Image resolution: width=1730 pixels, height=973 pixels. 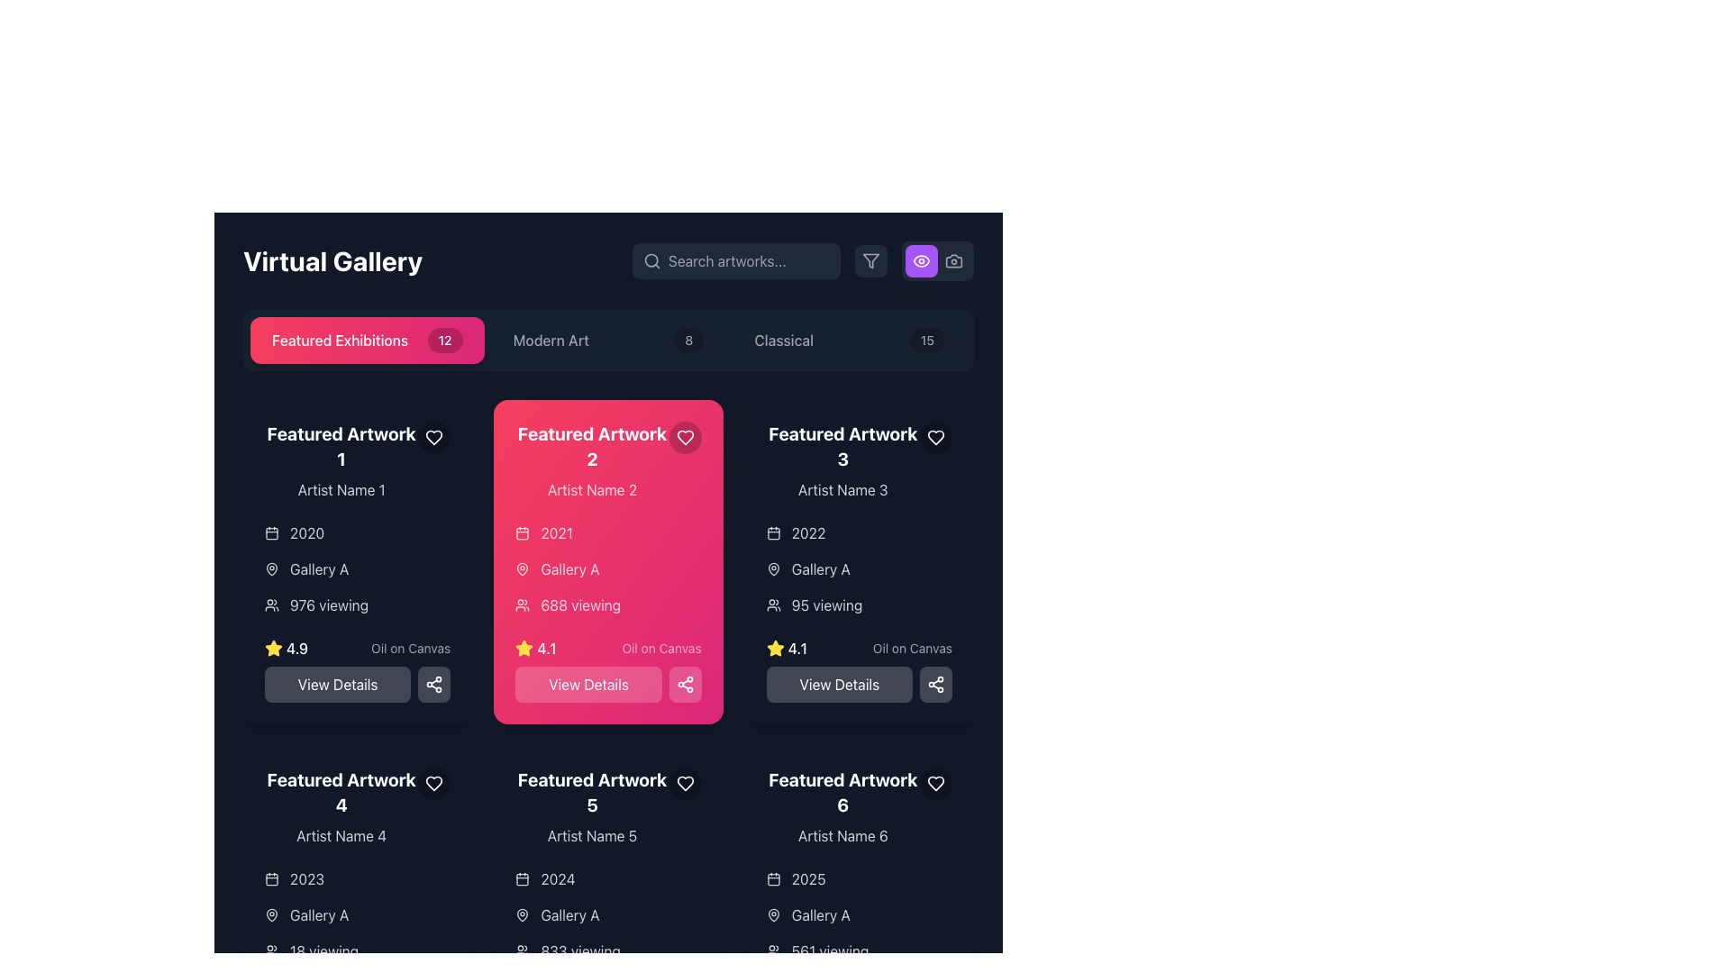 What do you see at coordinates (684, 438) in the screenshot?
I see `the 'like' or 'favorite' button located at the top-right corner of the 'Featured Artwork 2' card to mark the artwork as a favorite` at bounding box center [684, 438].